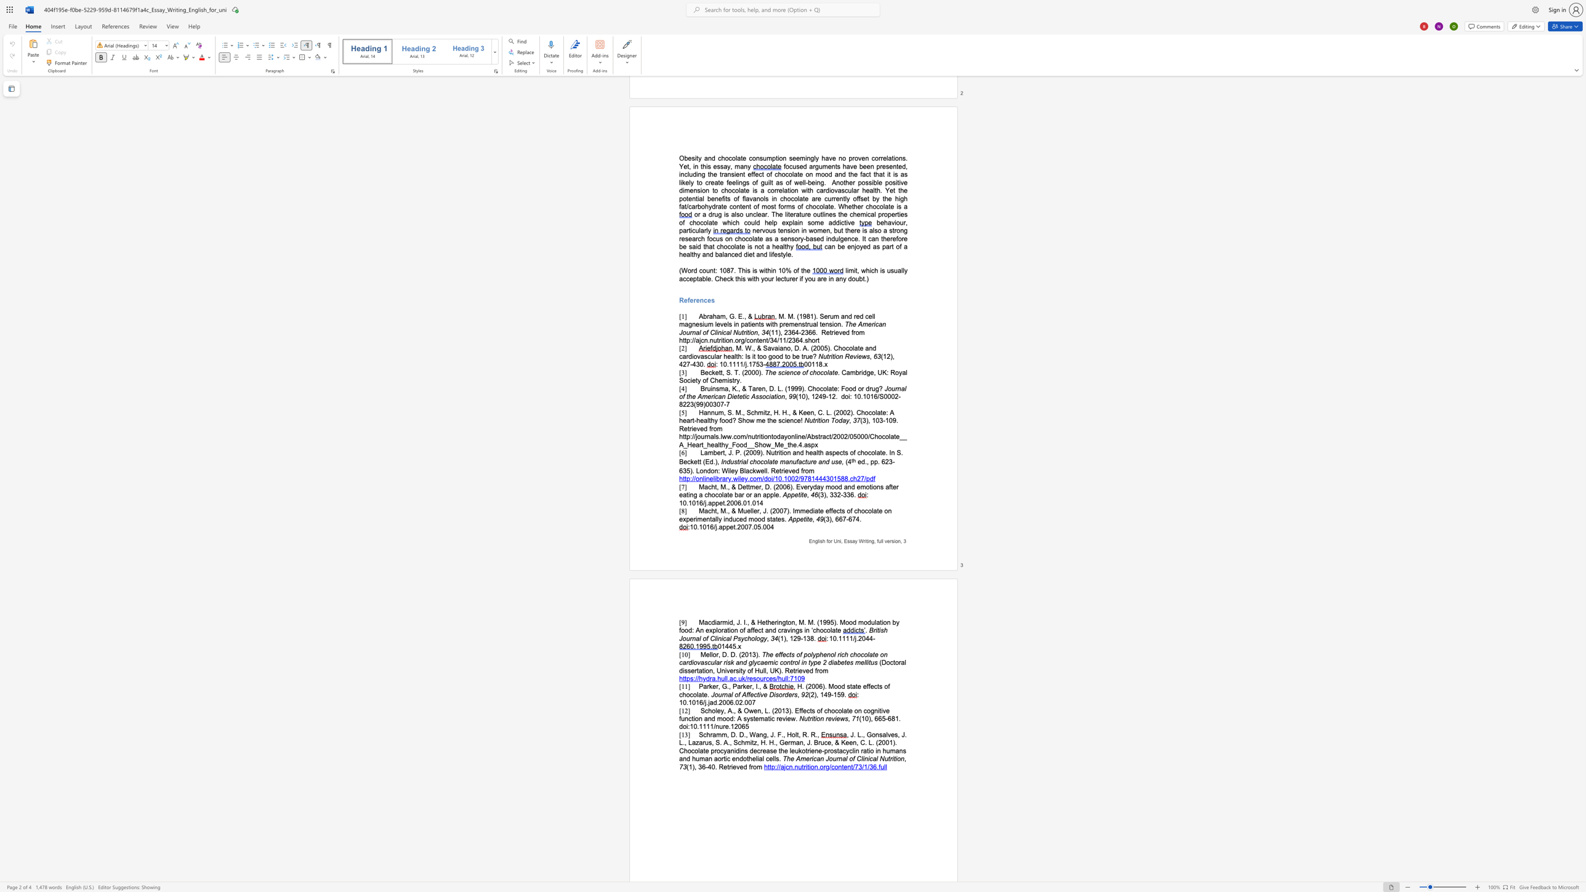 The image size is (1586, 892). I want to click on the subset text "d.2006.02.00" within the text "10.1016/j.jad.2006.02.007", so click(712, 702).